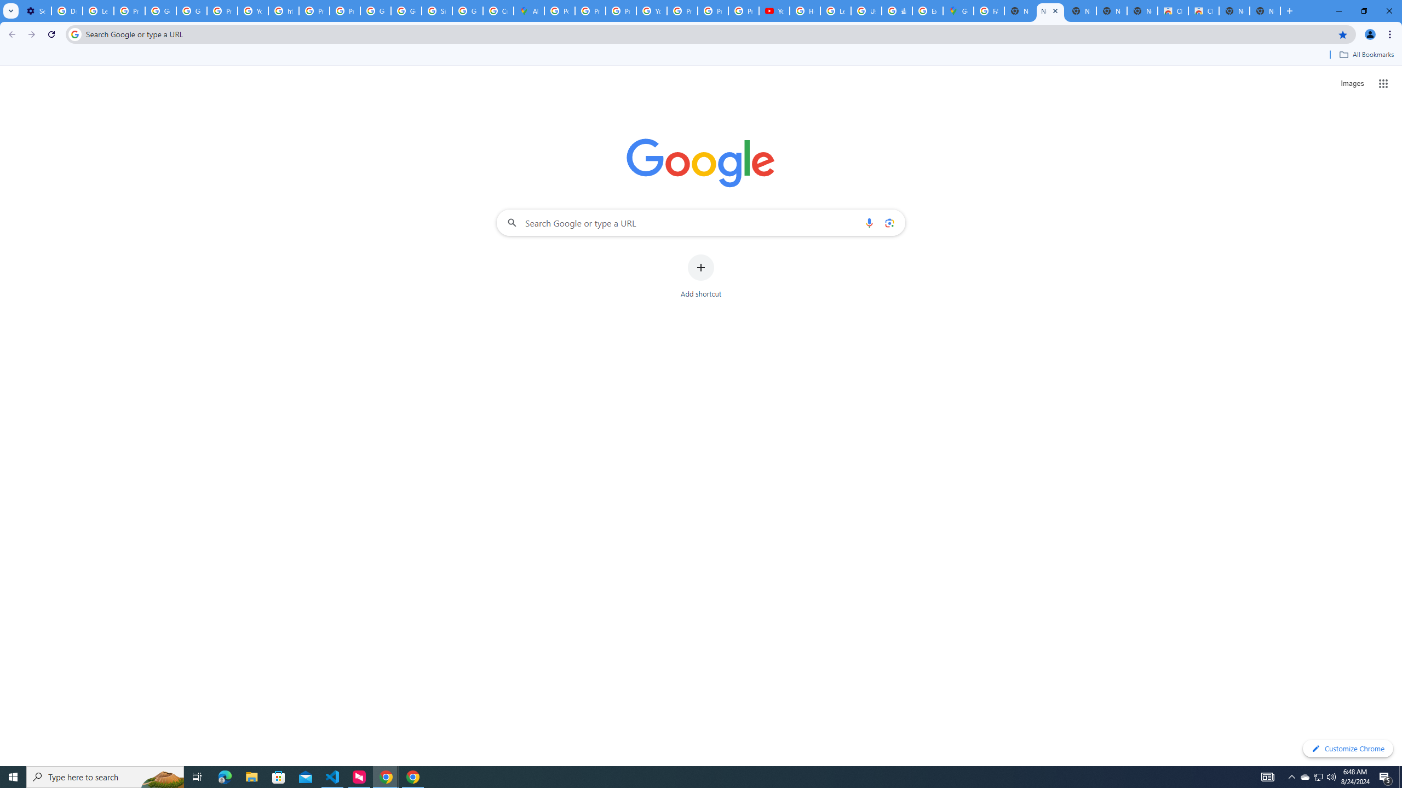 Image resolution: width=1402 pixels, height=788 pixels. Describe the element at coordinates (1265, 10) in the screenshot. I see `'New Tab'` at that location.